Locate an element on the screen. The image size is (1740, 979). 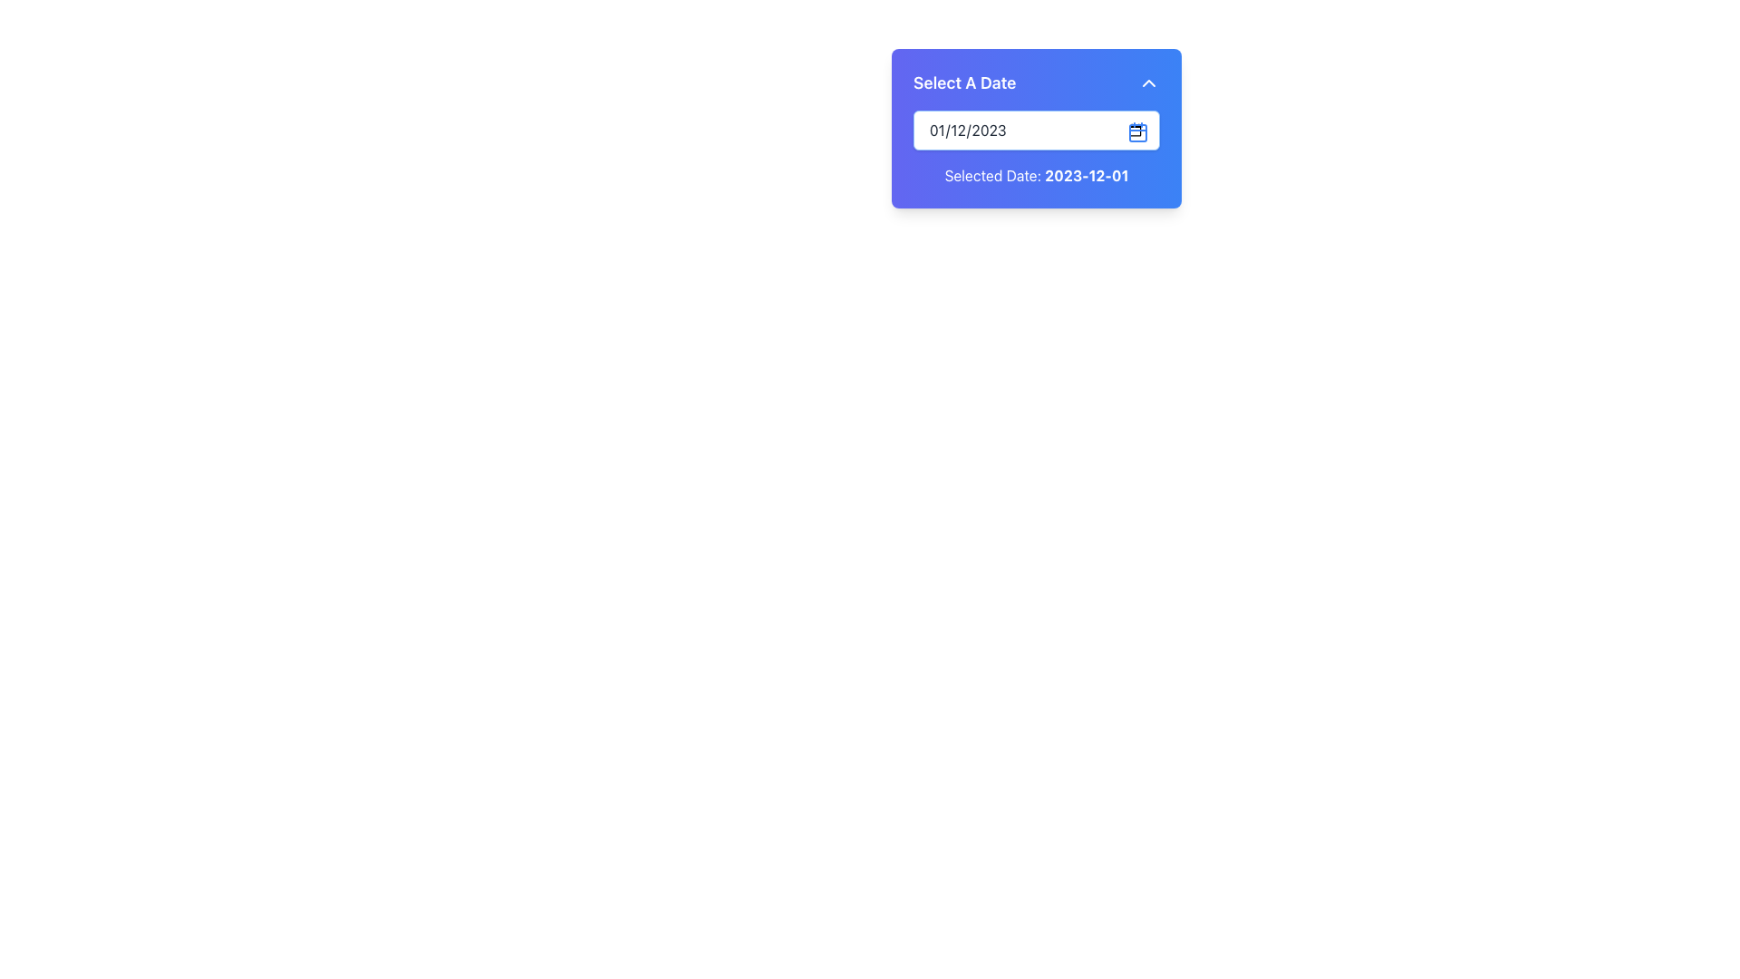
the interactive button located at the top-right end of the header section of the blue-colored panel labeled 'Select A Date' is located at coordinates (1147, 83).